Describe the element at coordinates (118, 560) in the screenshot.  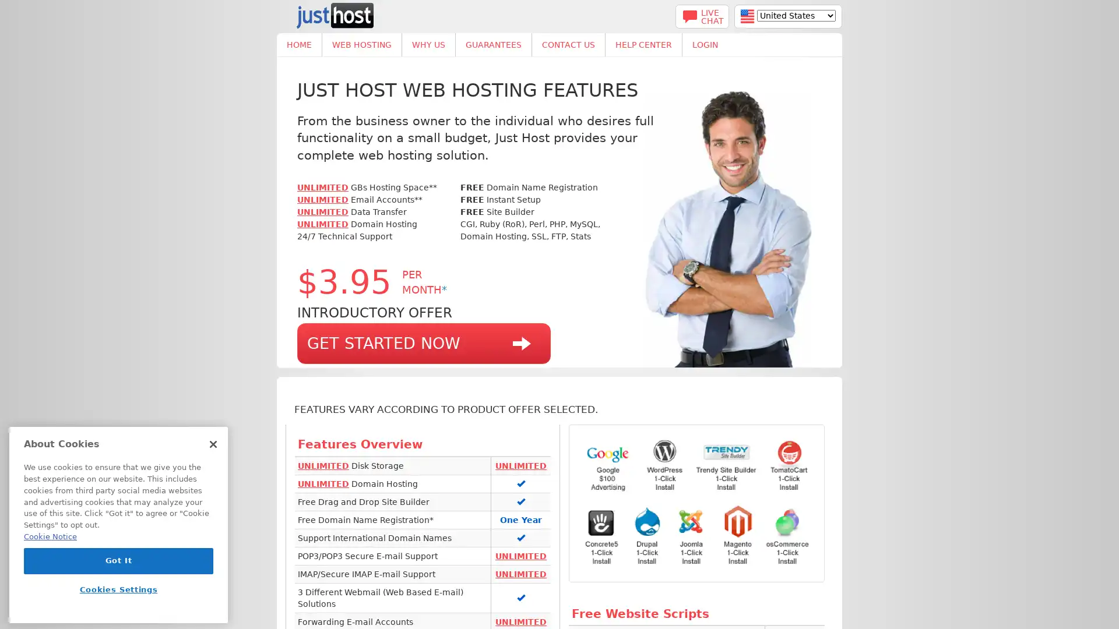
I see `Got It` at that location.